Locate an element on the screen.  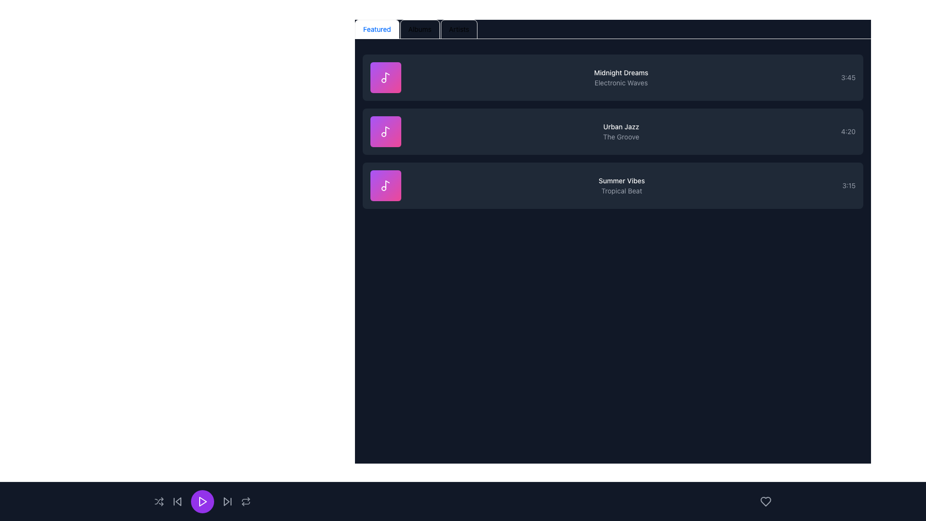
the 'Artists' navigation tab, which is the third tab from the left in the navigation bar is located at coordinates (458, 29).